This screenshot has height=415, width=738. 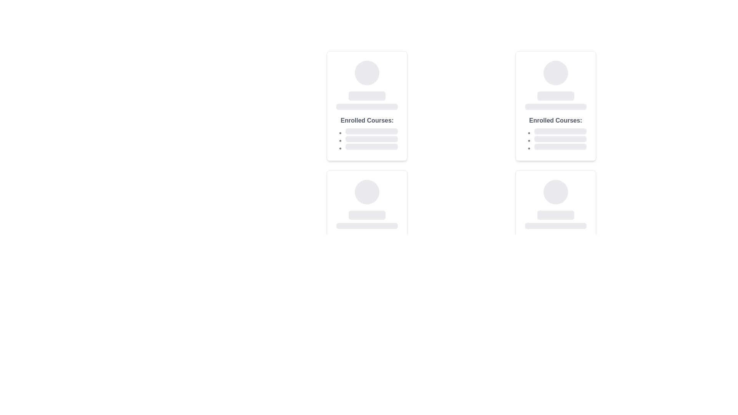 I want to click on the second Loading Placeholder element in the list of loading placeholders under 'Enrolled Courses:', so click(x=372, y=139).